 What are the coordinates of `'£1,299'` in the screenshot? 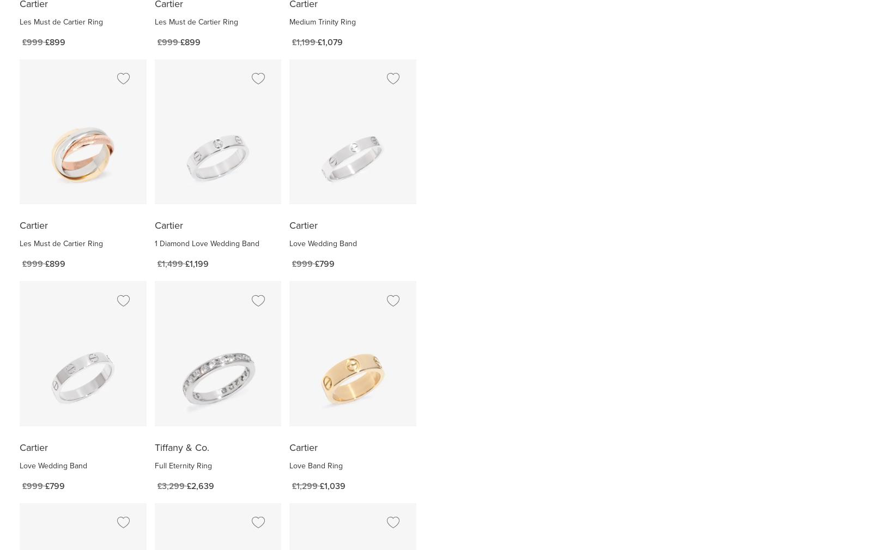 It's located at (304, 485).